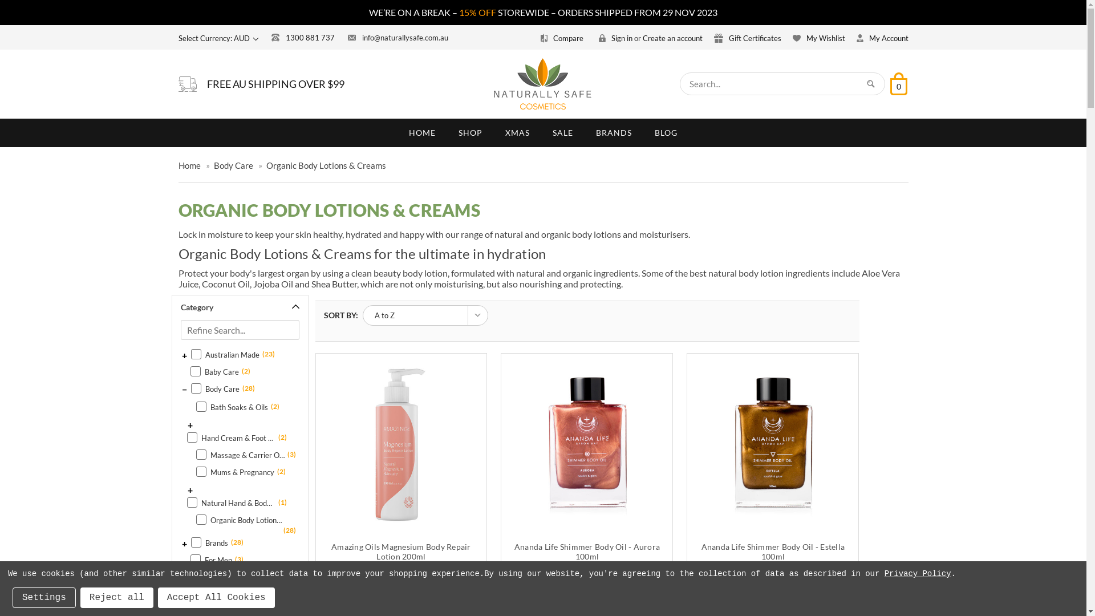 The image size is (1095, 616). What do you see at coordinates (563, 37) in the screenshot?
I see `'Compare'` at bounding box center [563, 37].